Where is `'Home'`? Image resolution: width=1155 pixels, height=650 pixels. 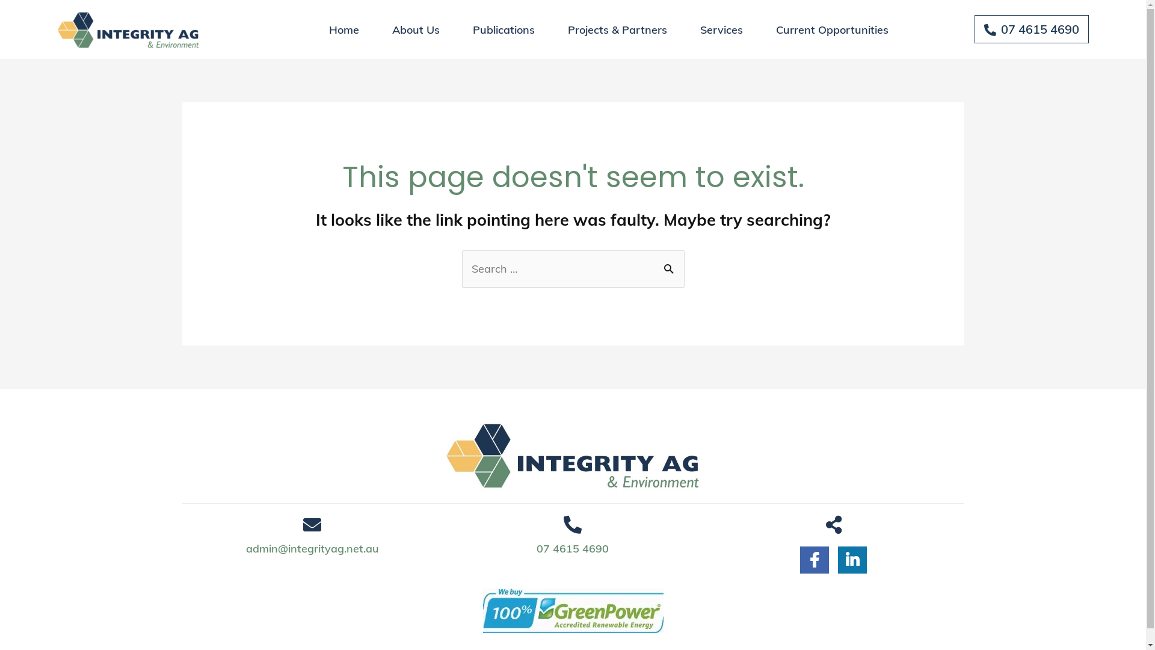
'Home' is located at coordinates (343, 29).